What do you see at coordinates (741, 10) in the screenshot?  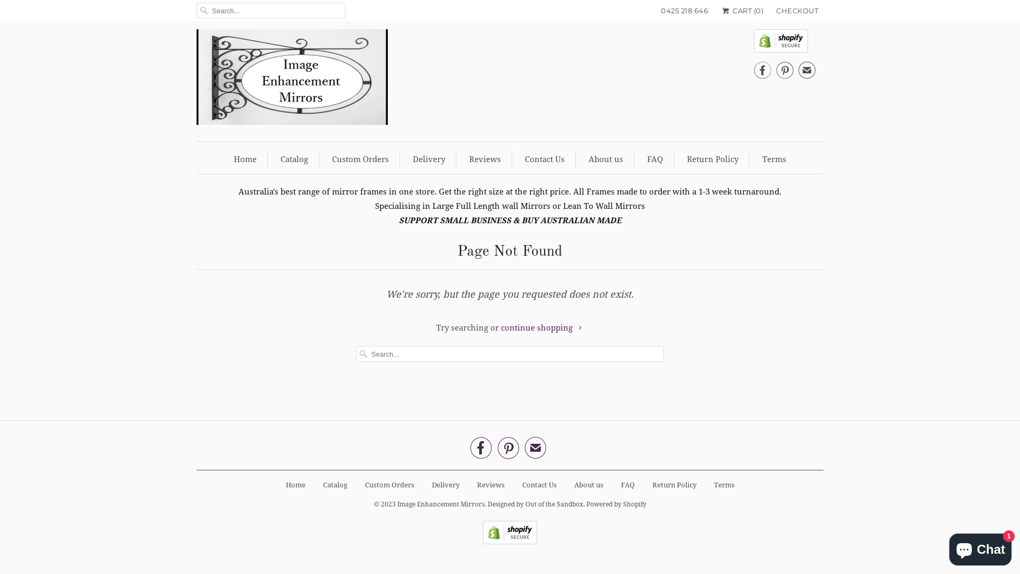 I see `'CART (0)'` at bounding box center [741, 10].